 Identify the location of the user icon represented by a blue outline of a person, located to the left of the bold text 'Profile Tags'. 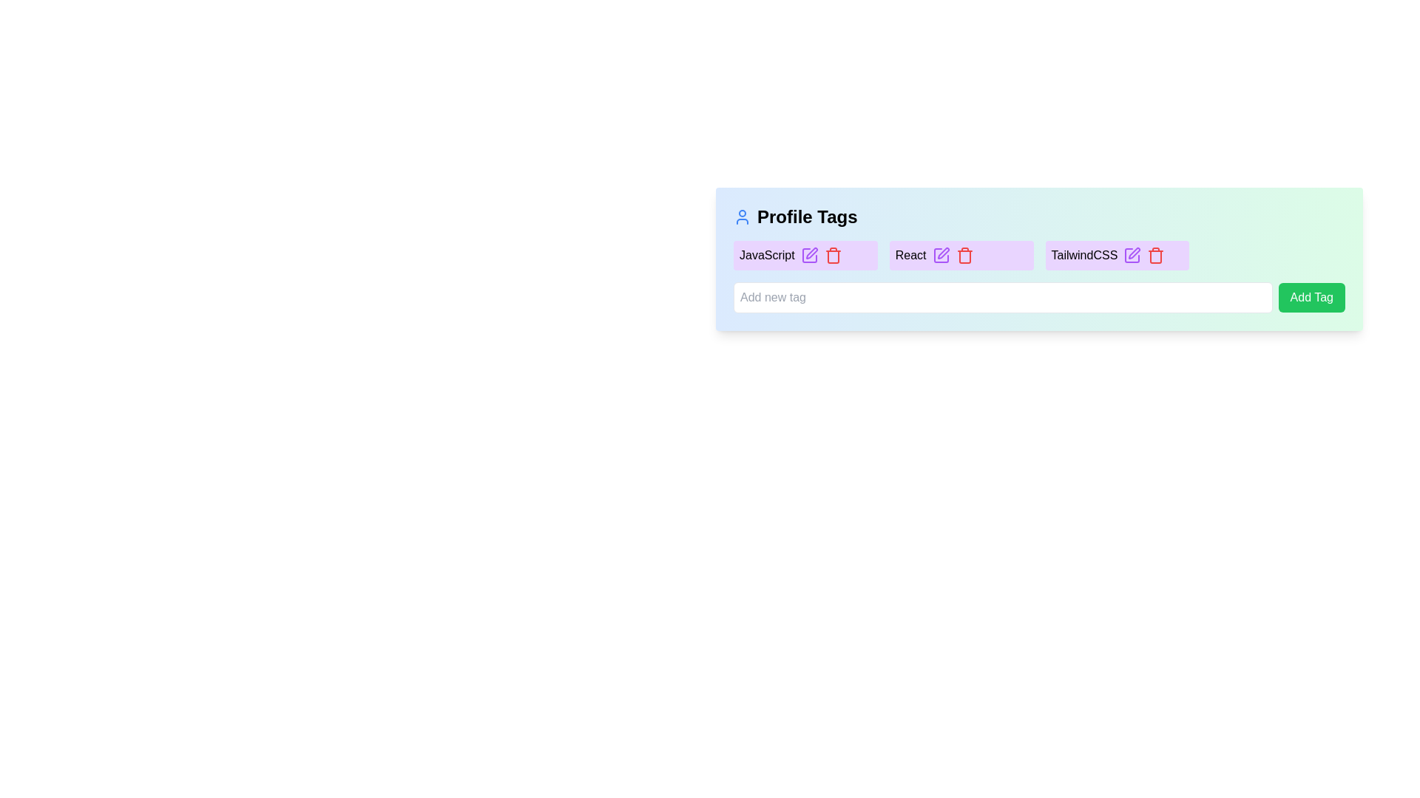
(742, 216).